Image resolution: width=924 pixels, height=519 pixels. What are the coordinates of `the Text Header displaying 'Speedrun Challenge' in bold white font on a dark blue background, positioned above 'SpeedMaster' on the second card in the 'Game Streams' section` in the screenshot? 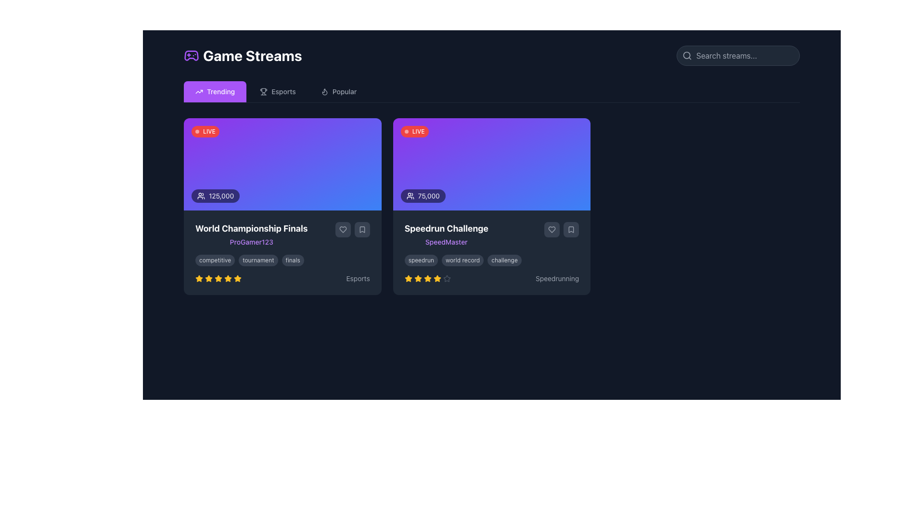 It's located at (446, 228).